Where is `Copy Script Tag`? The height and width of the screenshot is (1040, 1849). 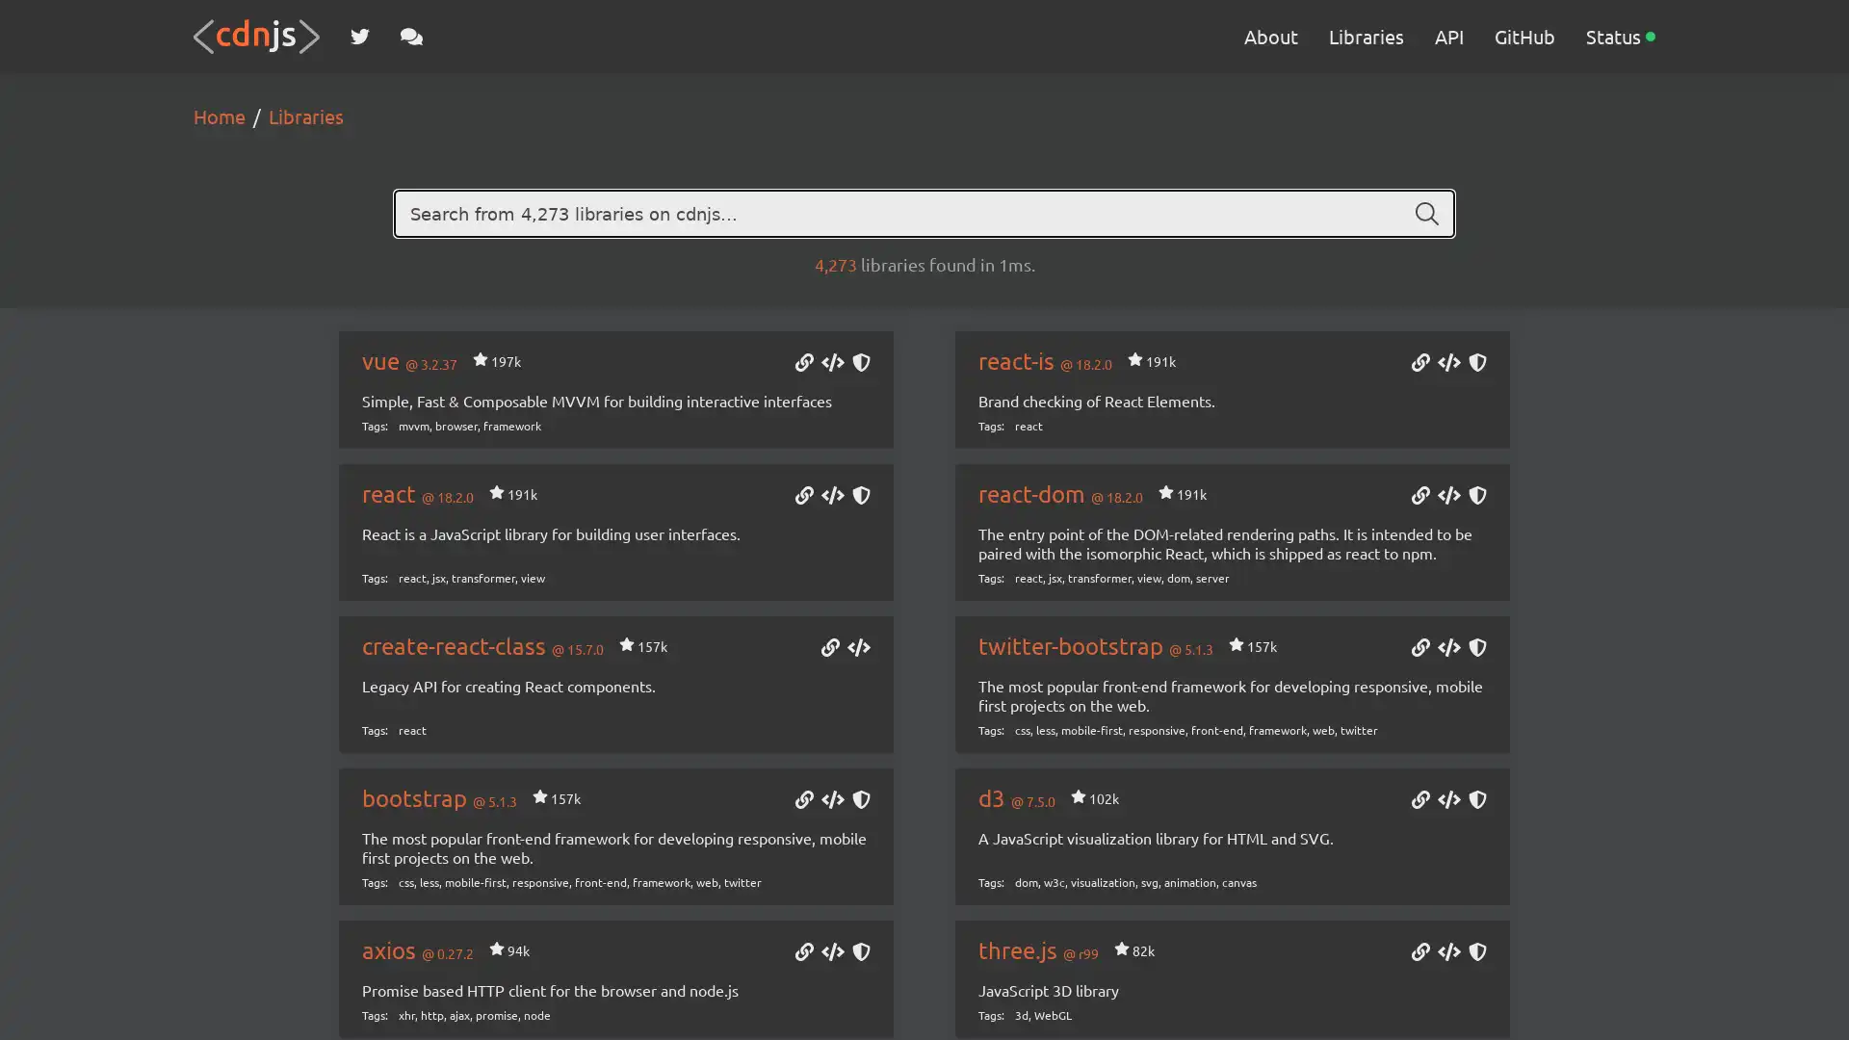 Copy Script Tag is located at coordinates (858, 649).